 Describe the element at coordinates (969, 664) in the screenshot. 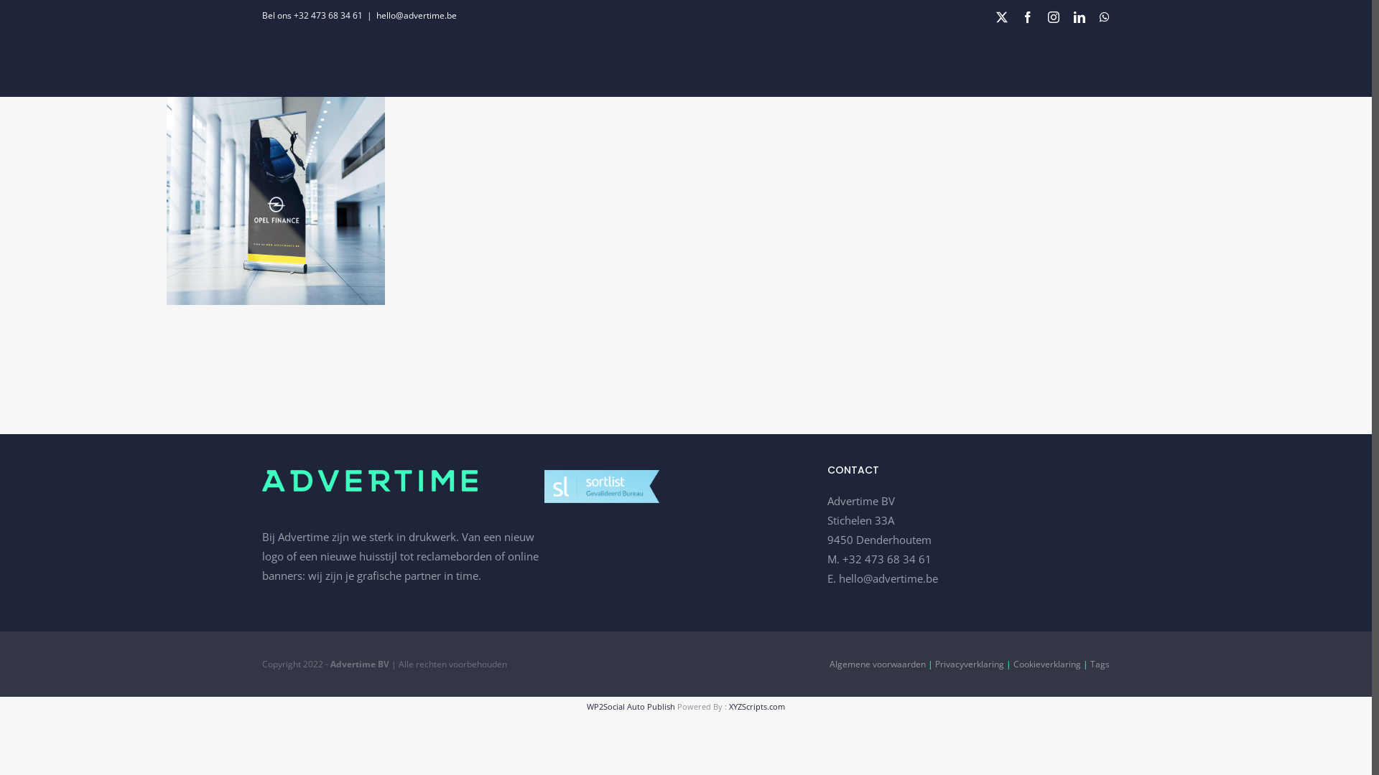

I see `'Privacyverklaring'` at that location.